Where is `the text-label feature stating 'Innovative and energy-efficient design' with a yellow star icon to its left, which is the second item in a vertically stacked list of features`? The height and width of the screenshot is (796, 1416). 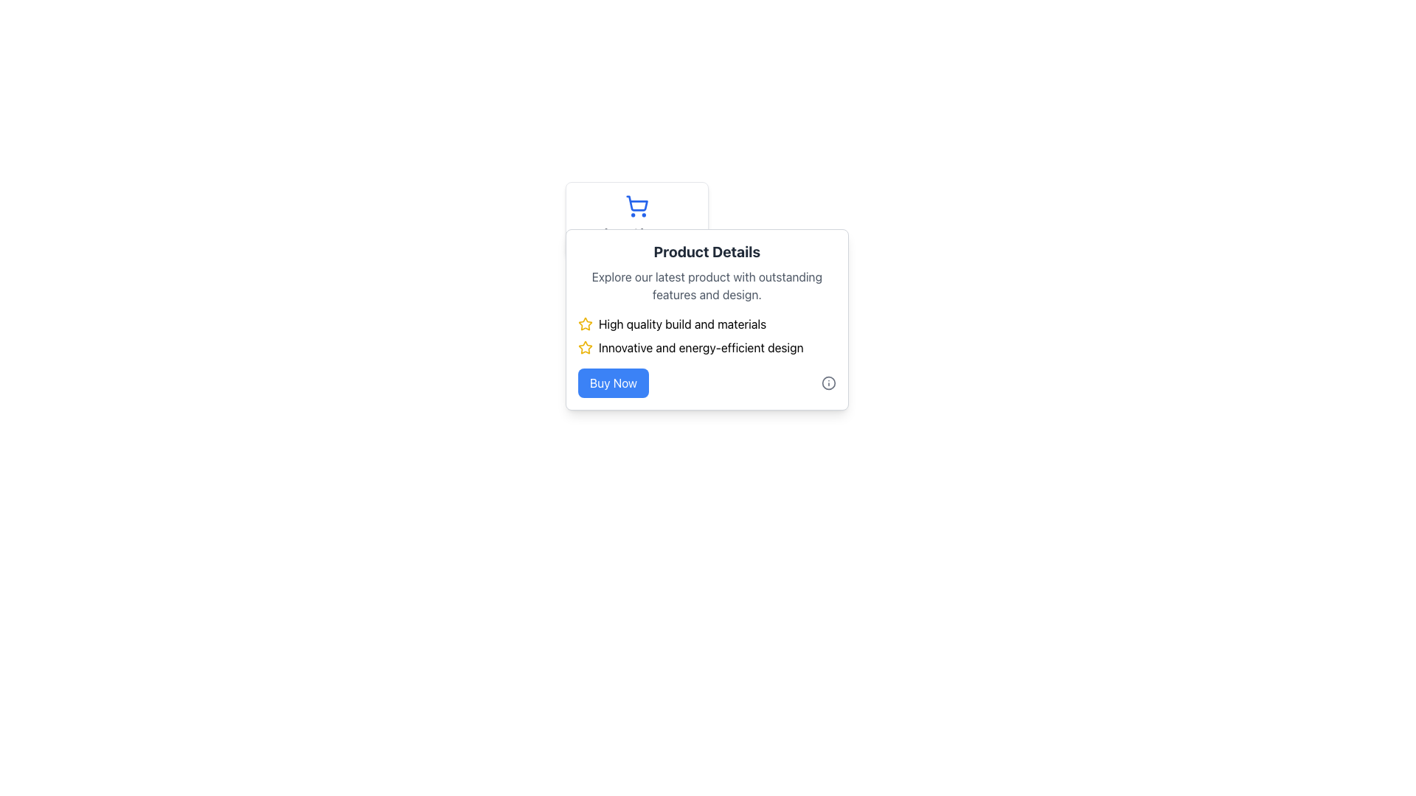 the text-label feature stating 'Innovative and energy-efficient design' with a yellow star icon to its left, which is the second item in a vertically stacked list of features is located at coordinates (706, 347).